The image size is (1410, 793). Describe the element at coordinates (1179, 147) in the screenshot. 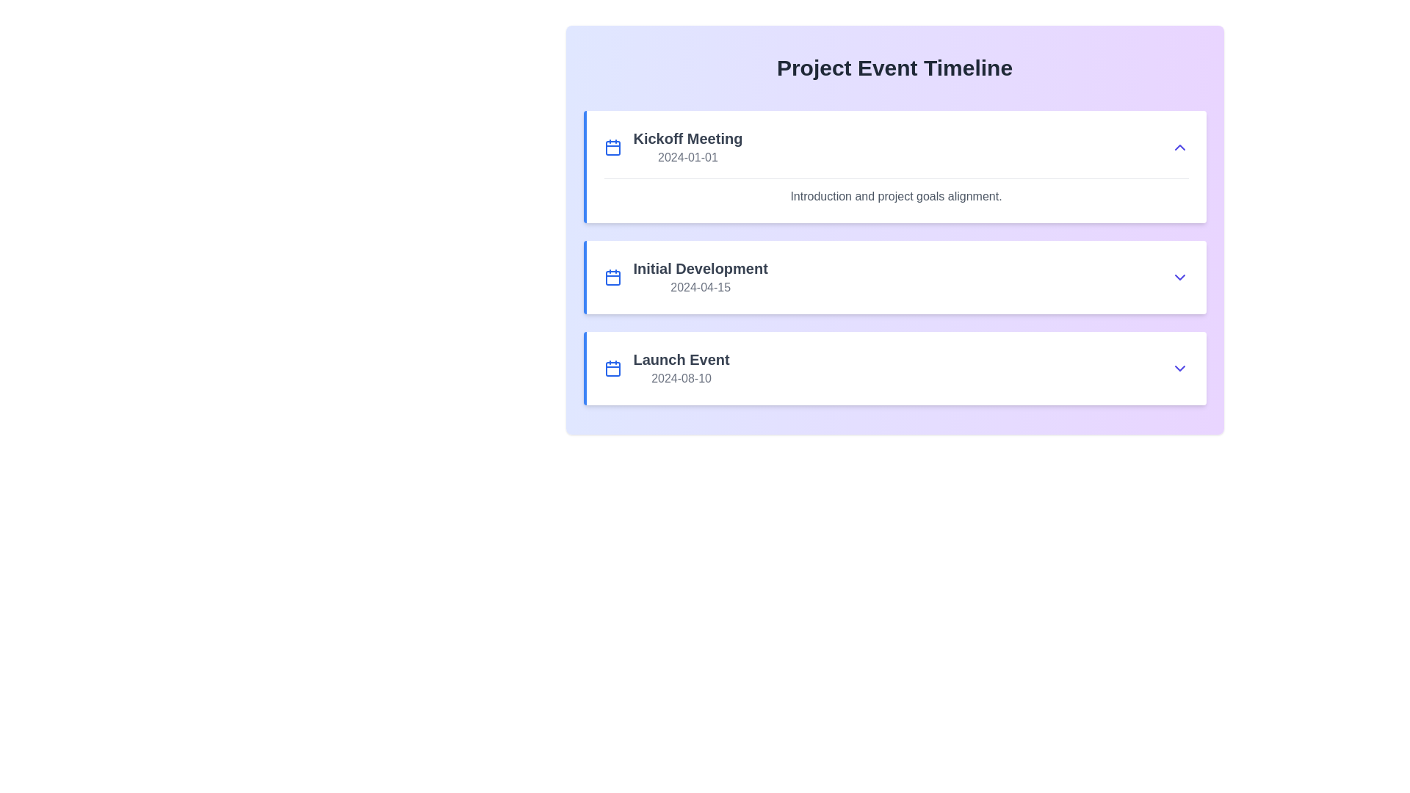

I see `the upward-pointing chevron button at the top-right corner of the 'Kickoff Meeting' card` at that location.